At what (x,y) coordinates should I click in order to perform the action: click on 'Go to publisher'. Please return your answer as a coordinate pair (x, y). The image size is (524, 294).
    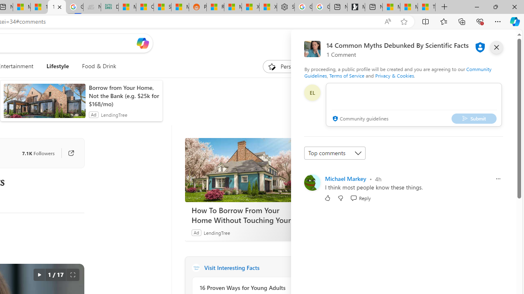
    Looking at the image, I should click on (67, 153).